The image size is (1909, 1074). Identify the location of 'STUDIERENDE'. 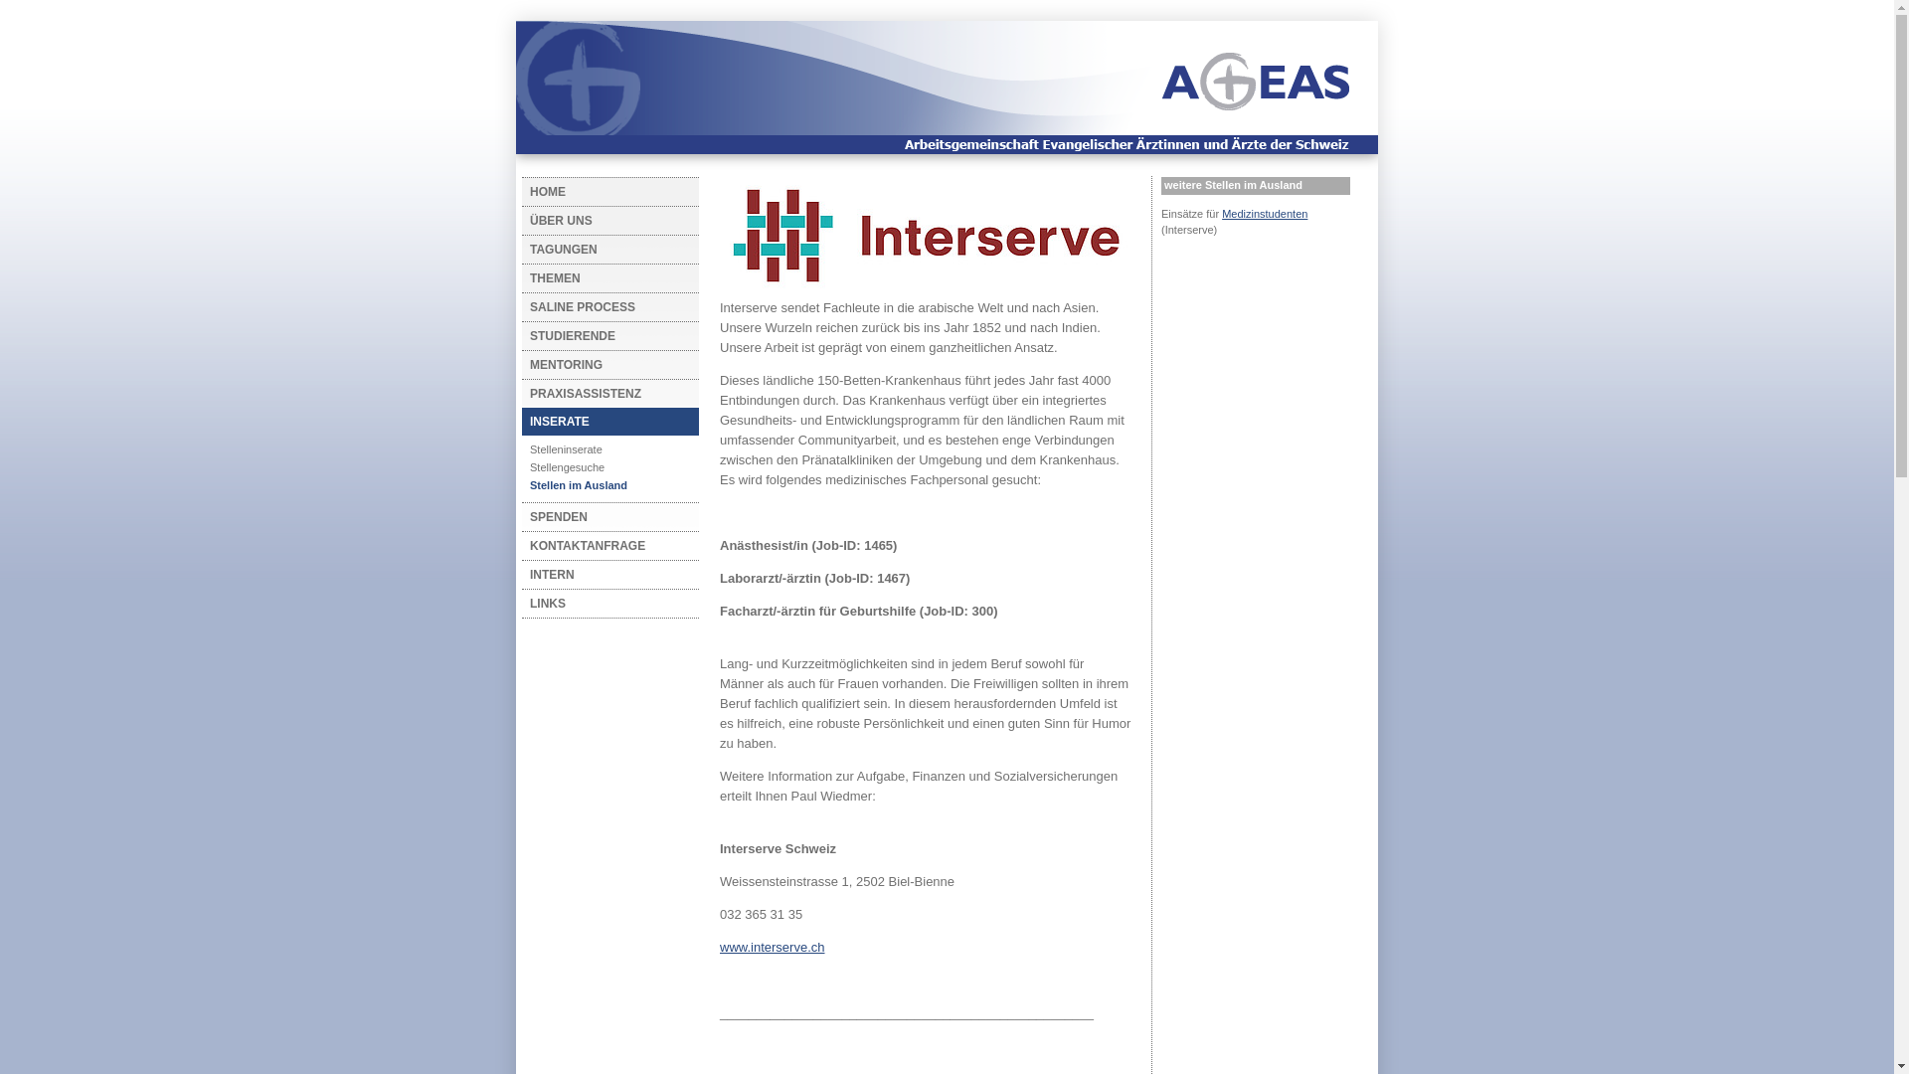
(521, 335).